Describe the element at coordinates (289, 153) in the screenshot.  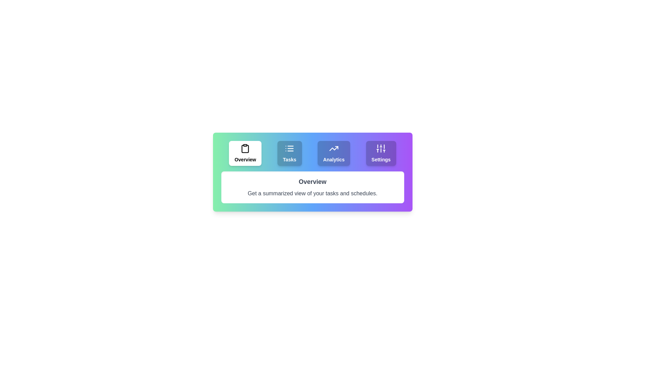
I see `the Tasks tab to view its content` at that location.